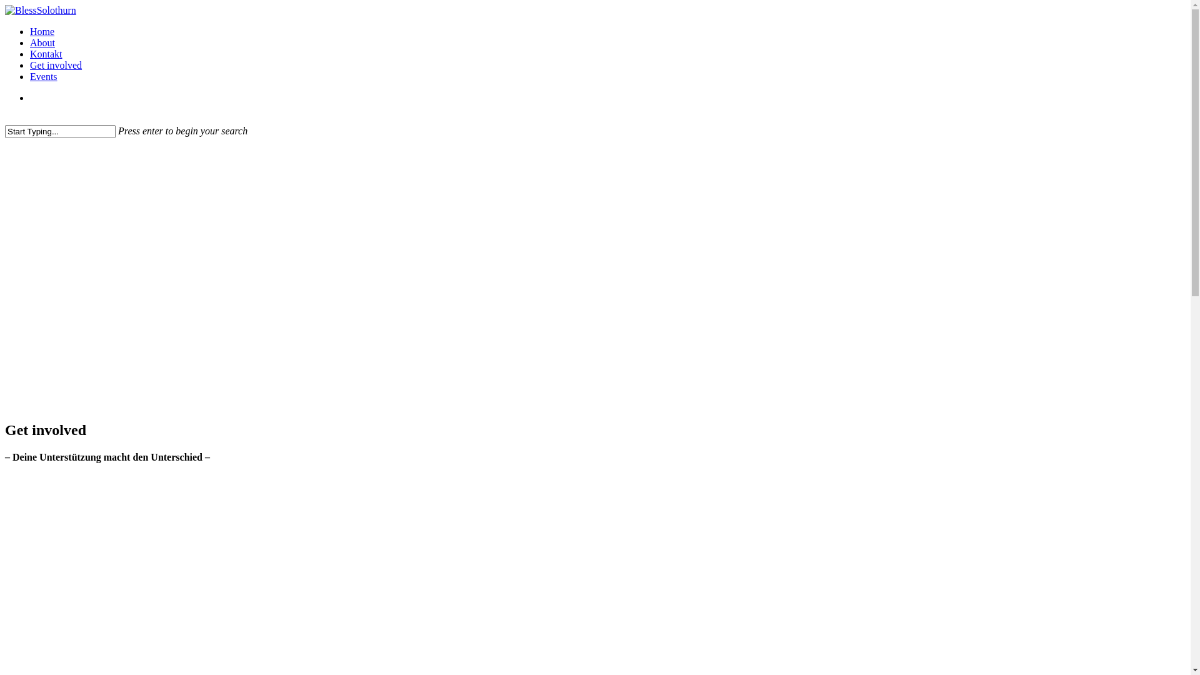 The image size is (1200, 675). I want to click on 'Events', so click(44, 76).